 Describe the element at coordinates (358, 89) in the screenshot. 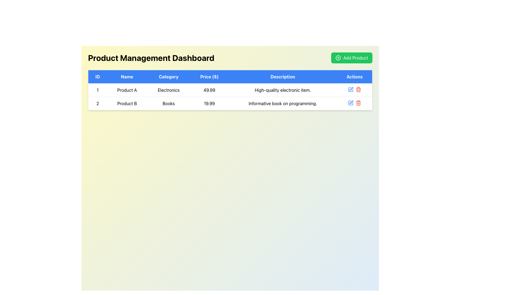

I see `the delete icon in the 'Actions' column for 'Product B'` at that location.